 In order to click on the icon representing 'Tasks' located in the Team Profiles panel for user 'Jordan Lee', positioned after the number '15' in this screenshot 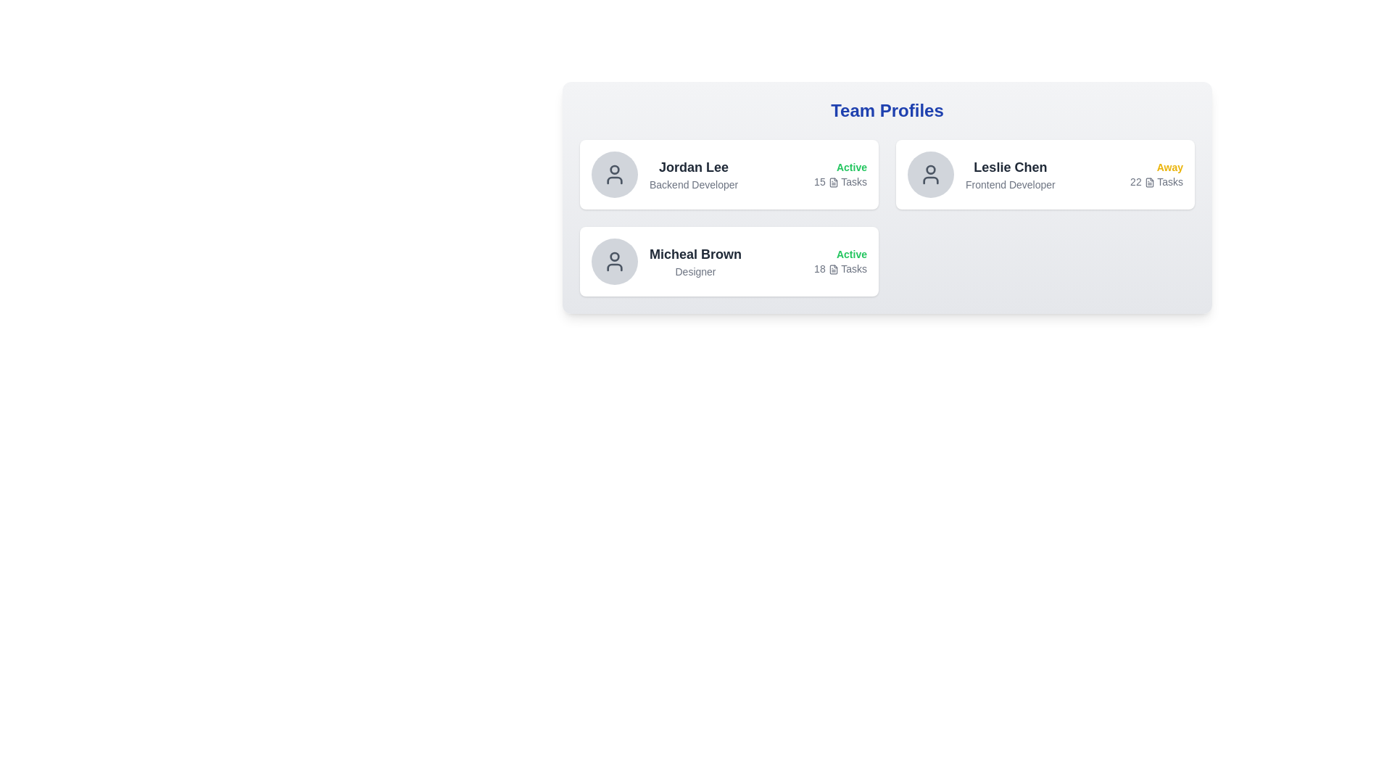, I will do `click(833, 182)`.